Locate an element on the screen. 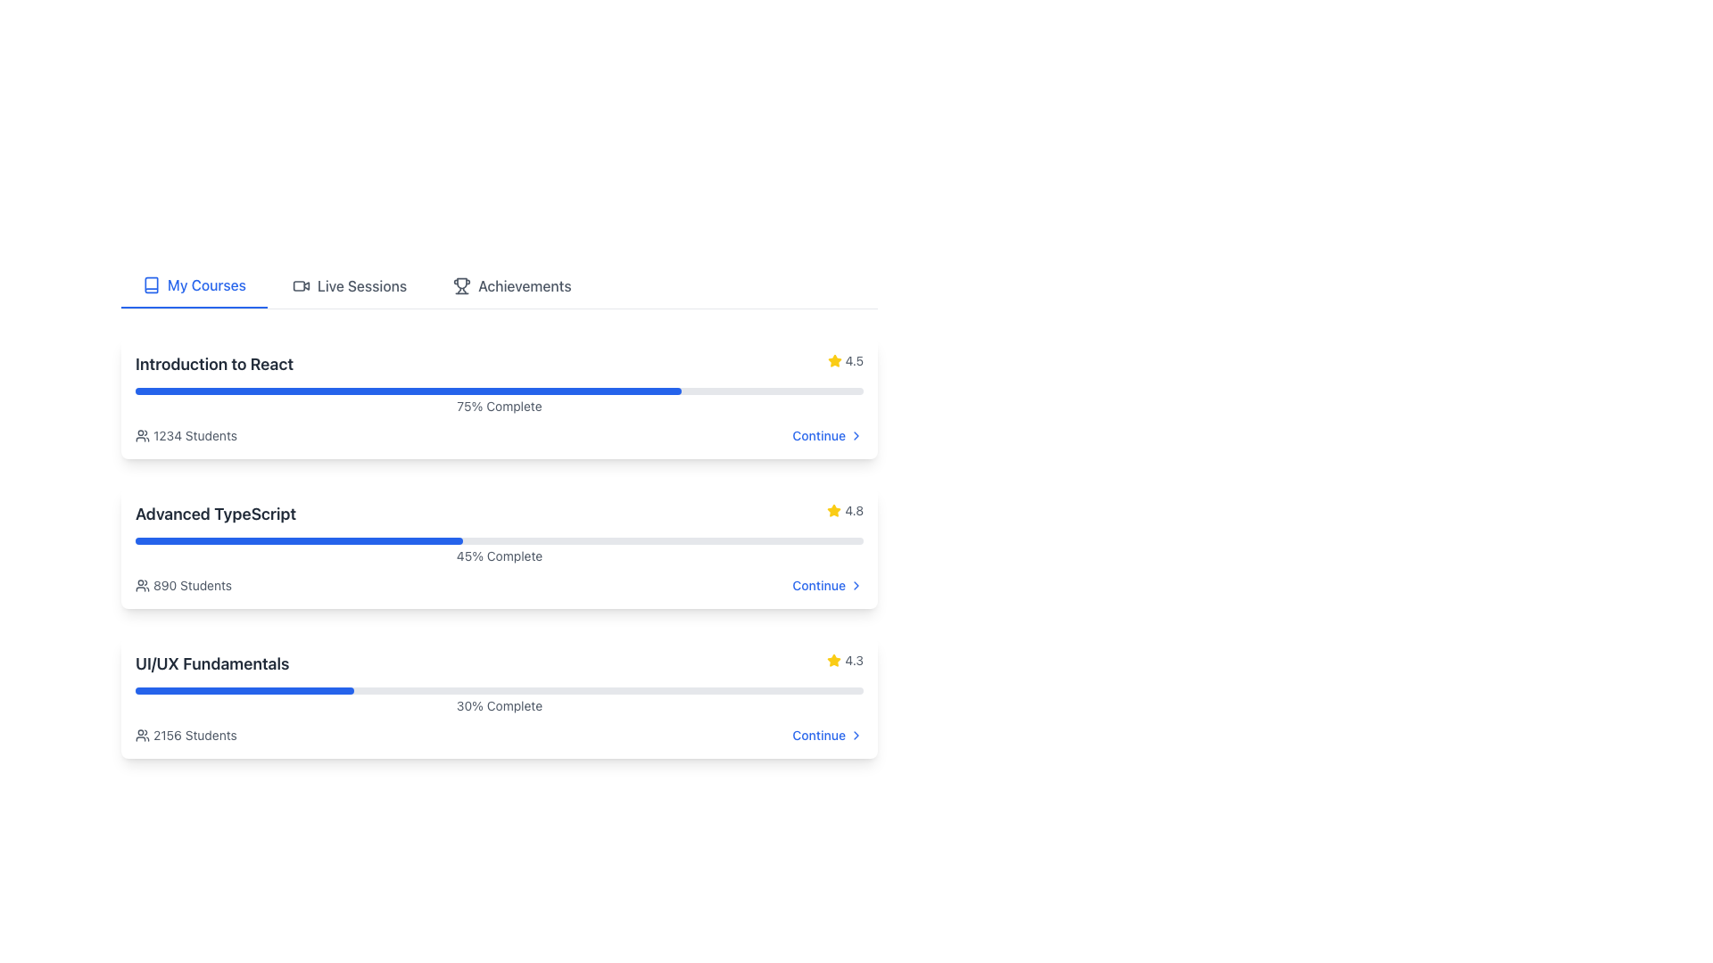 The height and width of the screenshot is (963, 1713). text content of the label displaying '75% Complete', which is styled in gray and positioned near the bottom of the progress bar for the course 'Introduction to React' is located at coordinates (500, 406).